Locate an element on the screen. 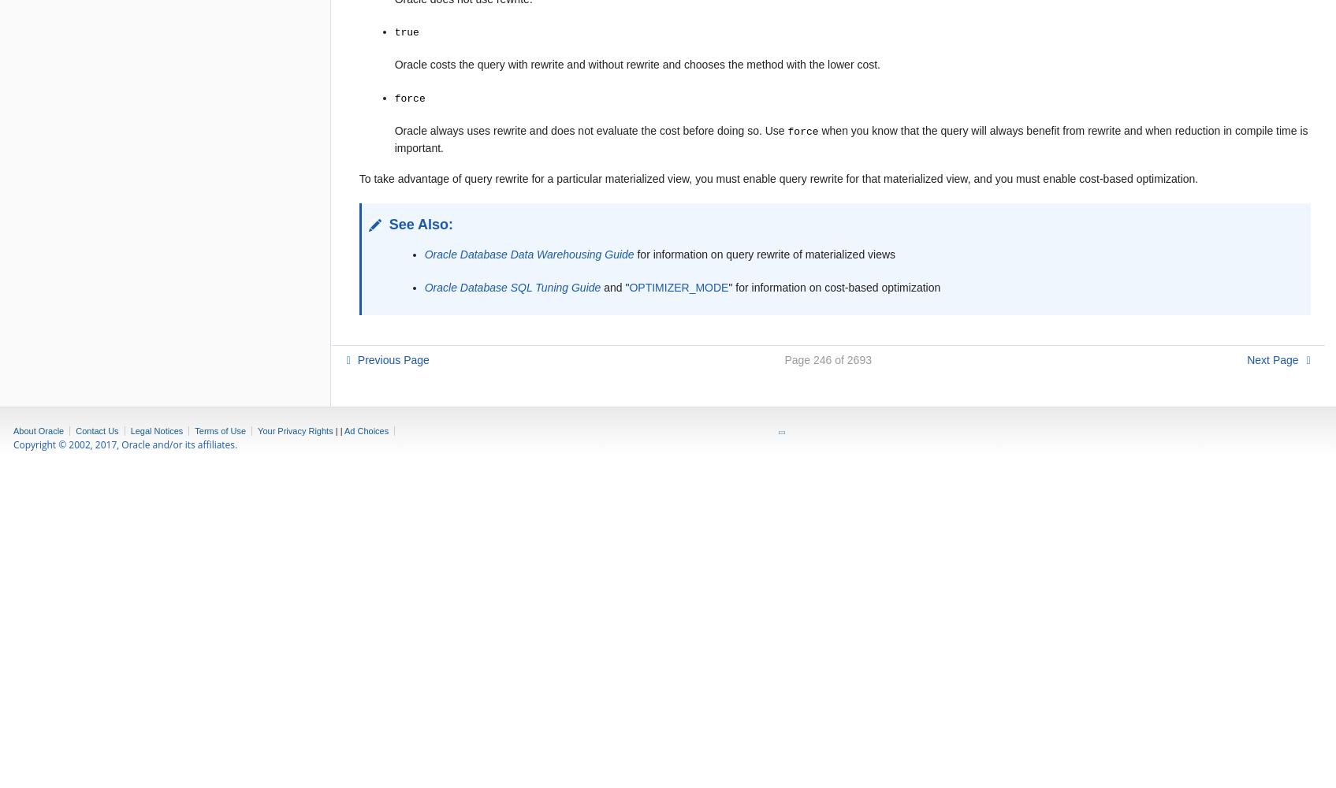 The width and height of the screenshot is (1336, 788). 'for information on query rewrite of materialized views' is located at coordinates (765, 254).